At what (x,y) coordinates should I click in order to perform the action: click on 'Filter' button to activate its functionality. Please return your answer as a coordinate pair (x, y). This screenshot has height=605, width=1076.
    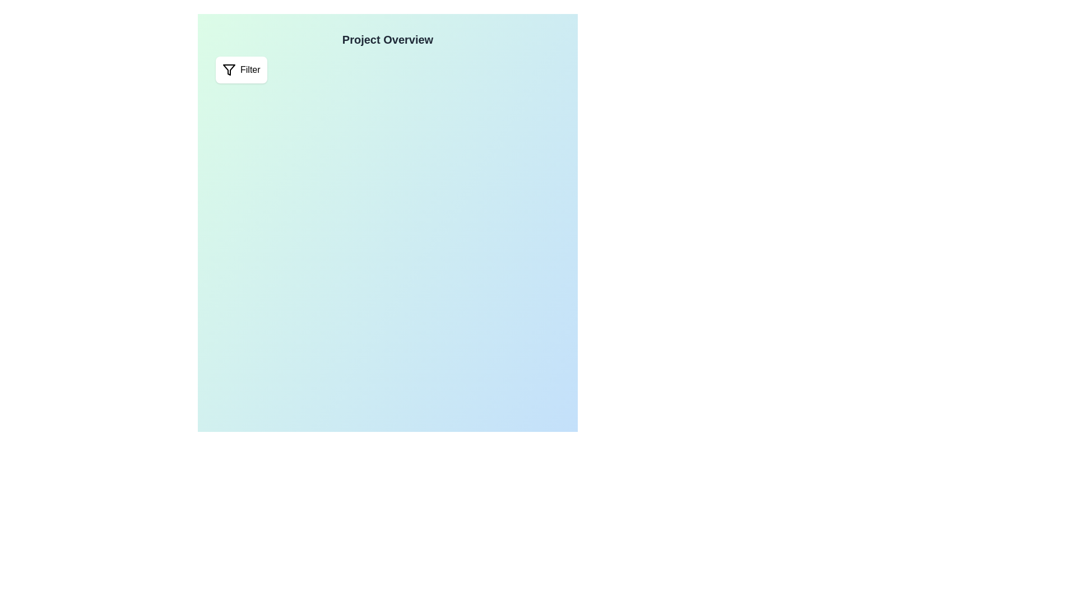
    Looking at the image, I should click on (240, 69).